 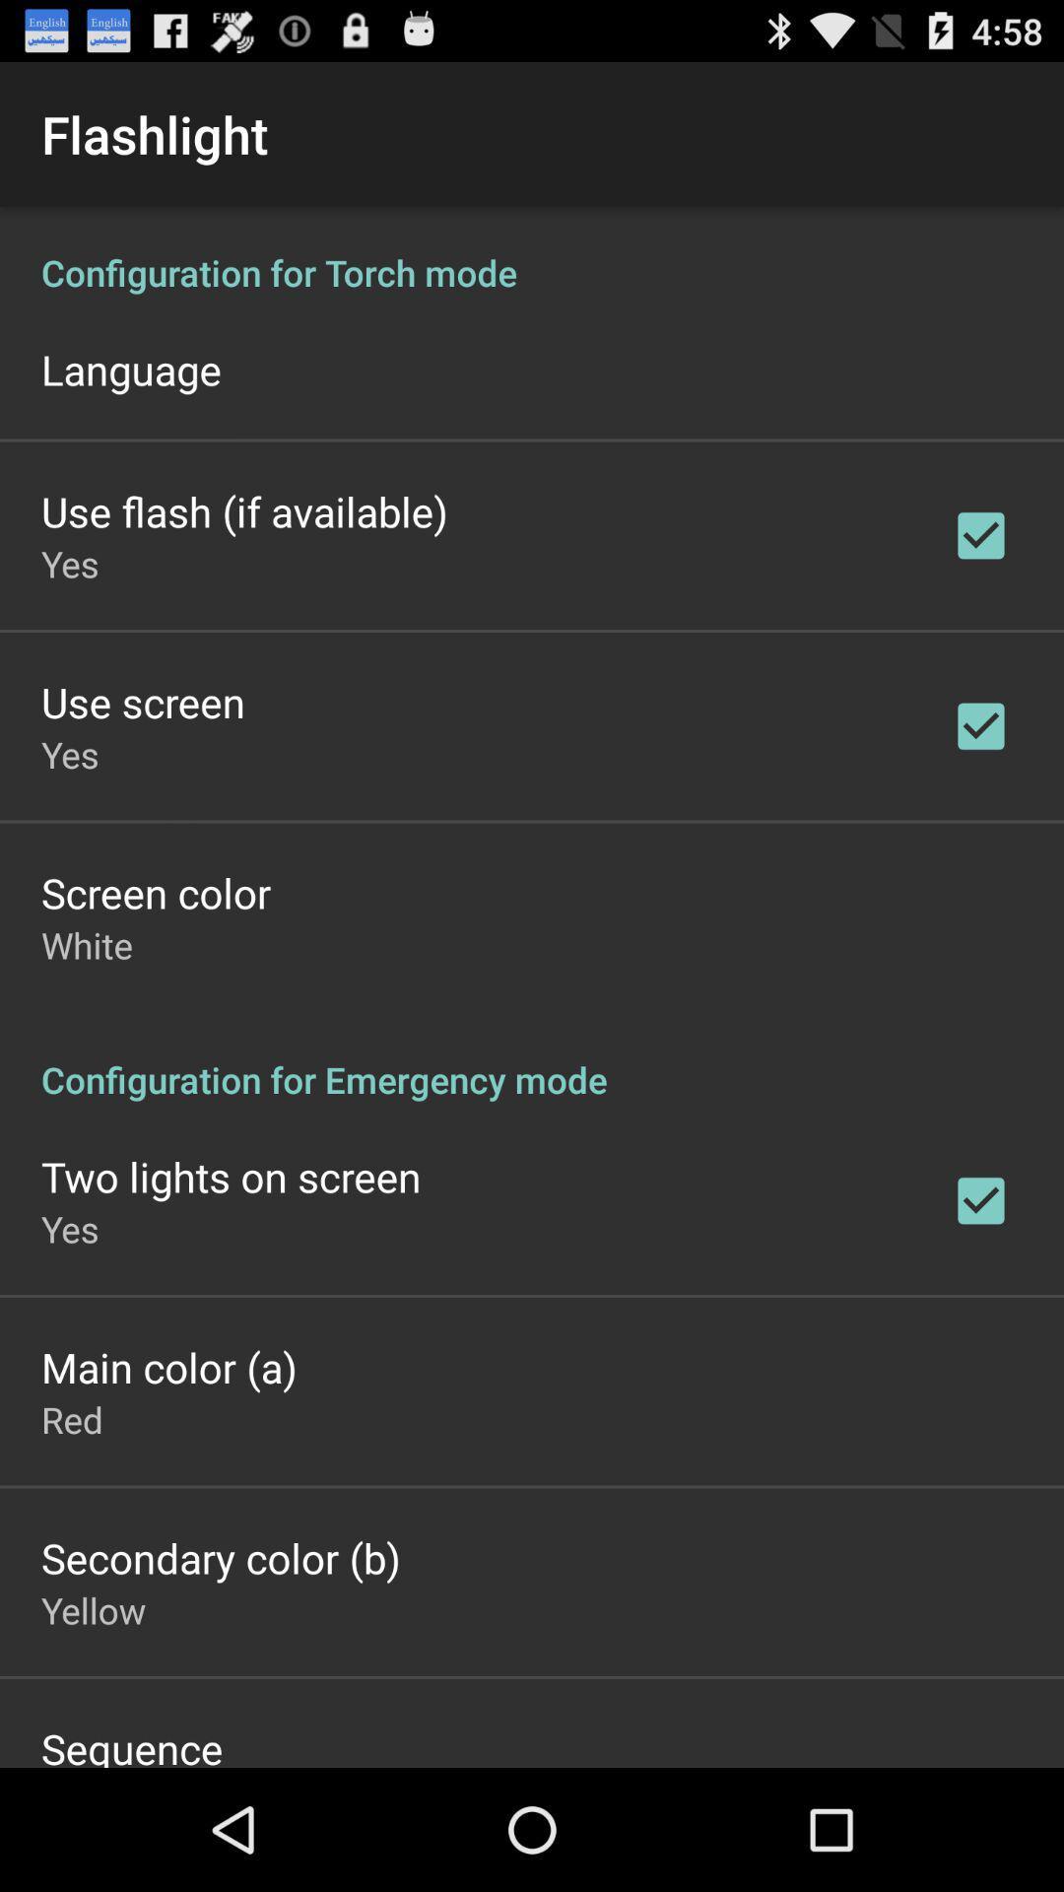 What do you see at coordinates (532, 987) in the screenshot?
I see `flashlight settings menu` at bounding box center [532, 987].